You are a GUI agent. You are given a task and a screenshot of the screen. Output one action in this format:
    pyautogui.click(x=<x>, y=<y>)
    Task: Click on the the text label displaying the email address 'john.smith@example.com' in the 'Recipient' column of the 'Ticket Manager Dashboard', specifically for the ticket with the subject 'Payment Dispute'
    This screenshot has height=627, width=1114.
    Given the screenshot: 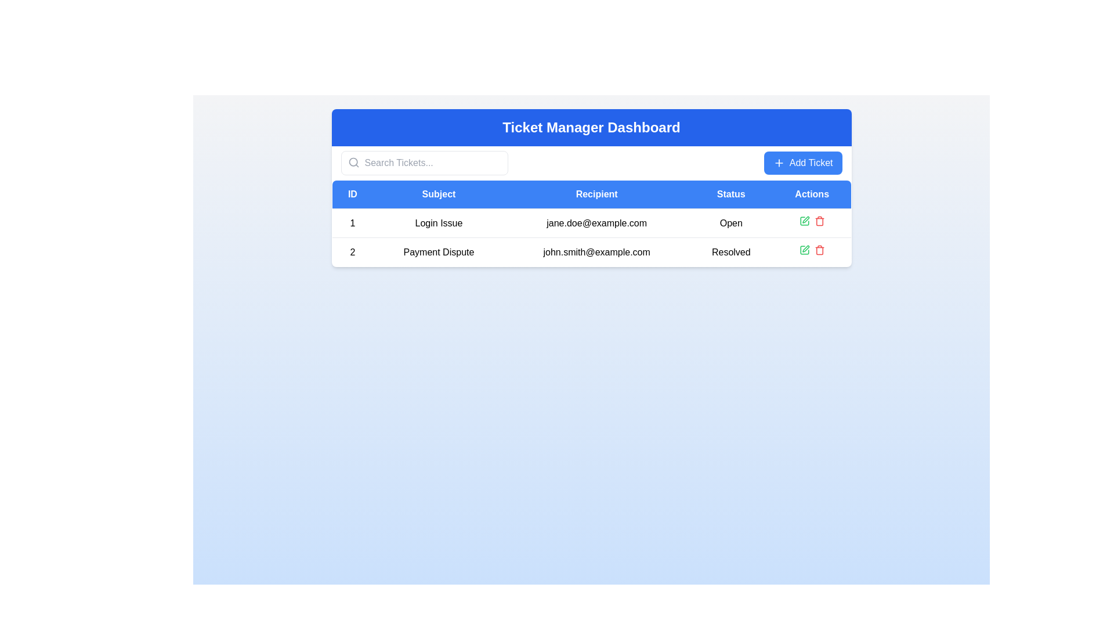 What is the action you would take?
    pyautogui.click(x=596, y=251)
    